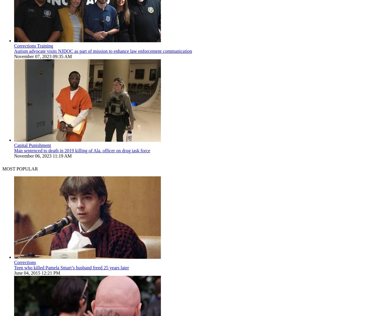  Describe the element at coordinates (14, 273) in the screenshot. I see `'June 04, 2015 12:21 PM'` at that location.